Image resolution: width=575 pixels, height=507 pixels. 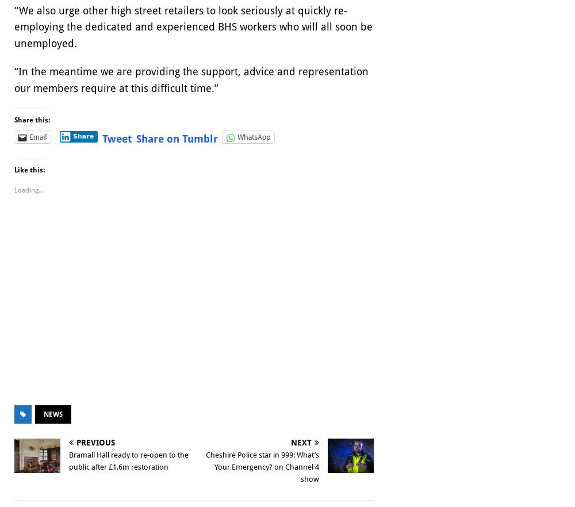 What do you see at coordinates (116, 138) in the screenshot?
I see `'Tweet'` at bounding box center [116, 138].